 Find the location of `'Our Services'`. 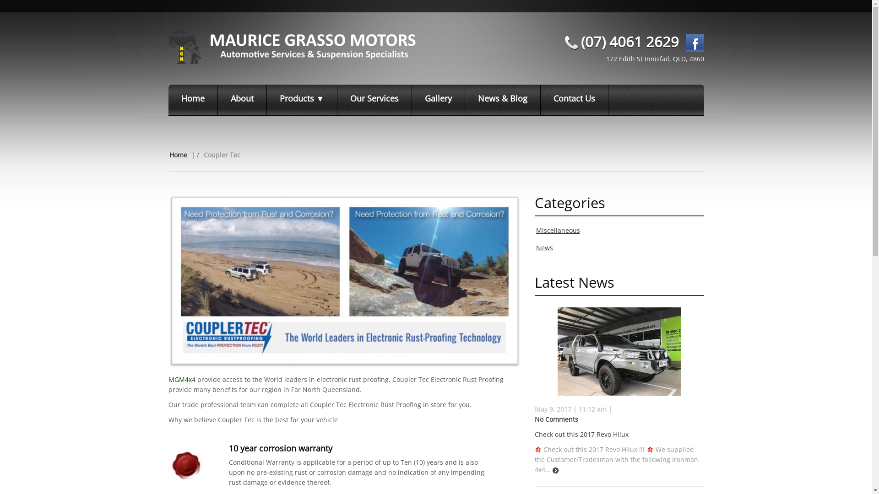

'Our Services' is located at coordinates (337, 100).